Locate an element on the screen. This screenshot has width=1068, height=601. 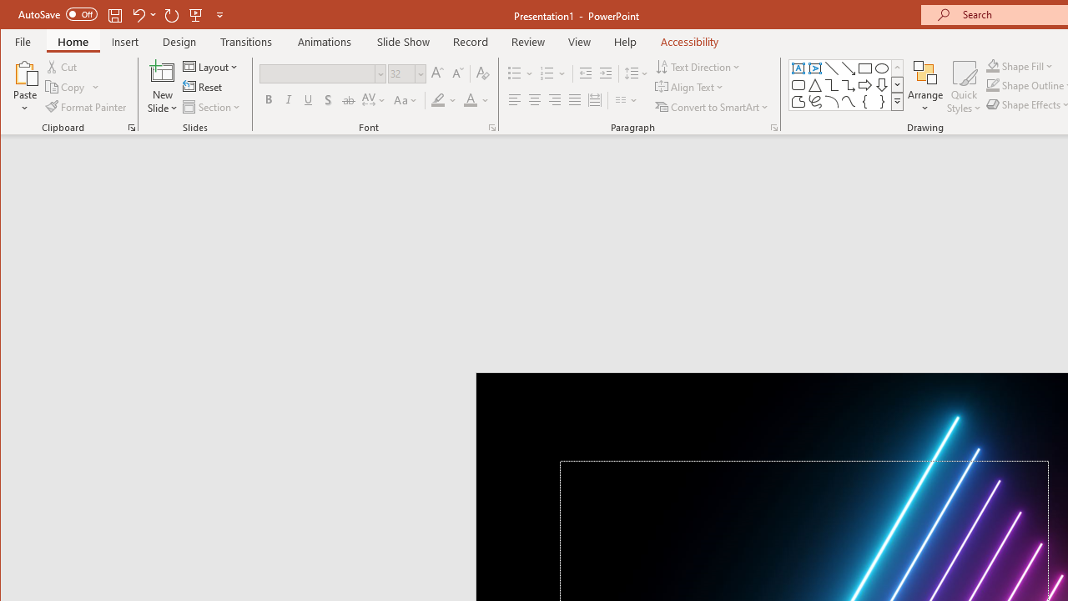
'Shape Fill Orange, Accent 2' is located at coordinates (992, 65).